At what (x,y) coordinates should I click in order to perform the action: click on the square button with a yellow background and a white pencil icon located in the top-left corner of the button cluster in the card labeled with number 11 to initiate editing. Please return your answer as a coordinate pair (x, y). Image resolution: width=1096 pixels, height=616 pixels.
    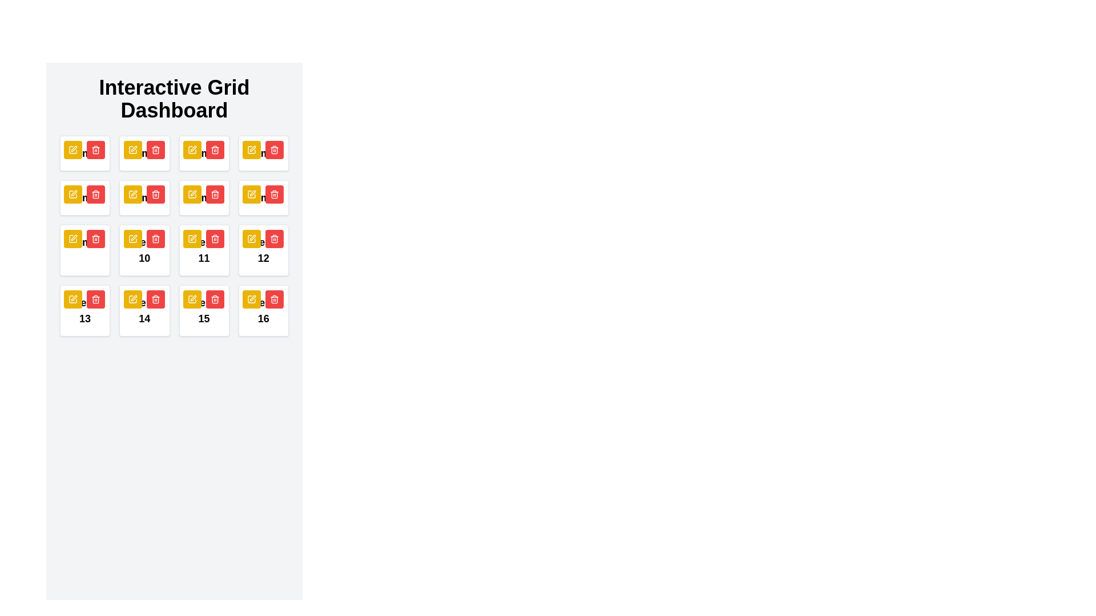
    Looking at the image, I should click on (192, 193).